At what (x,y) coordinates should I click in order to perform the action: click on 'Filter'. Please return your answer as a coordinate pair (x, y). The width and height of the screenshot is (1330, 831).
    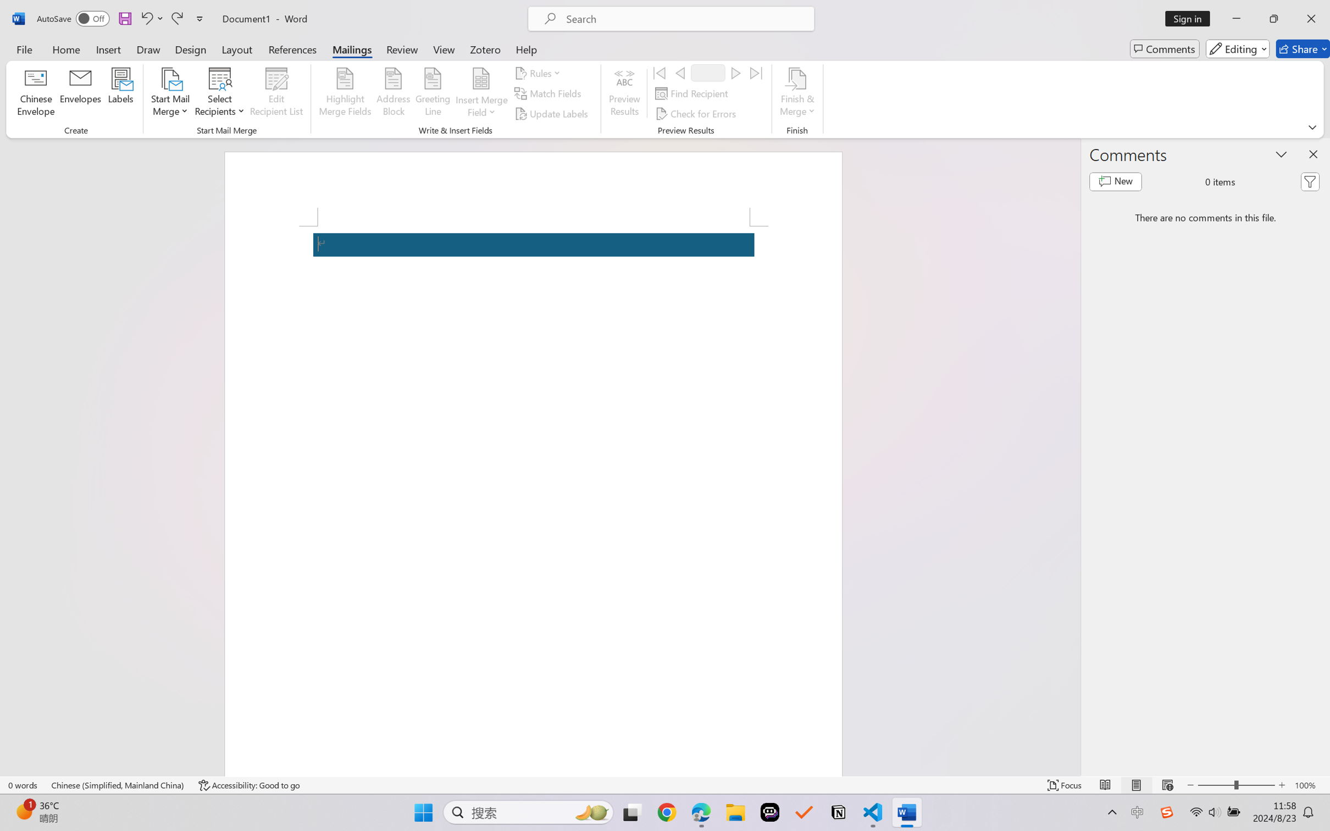
    Looking at the image, I should click on (1310, 182).